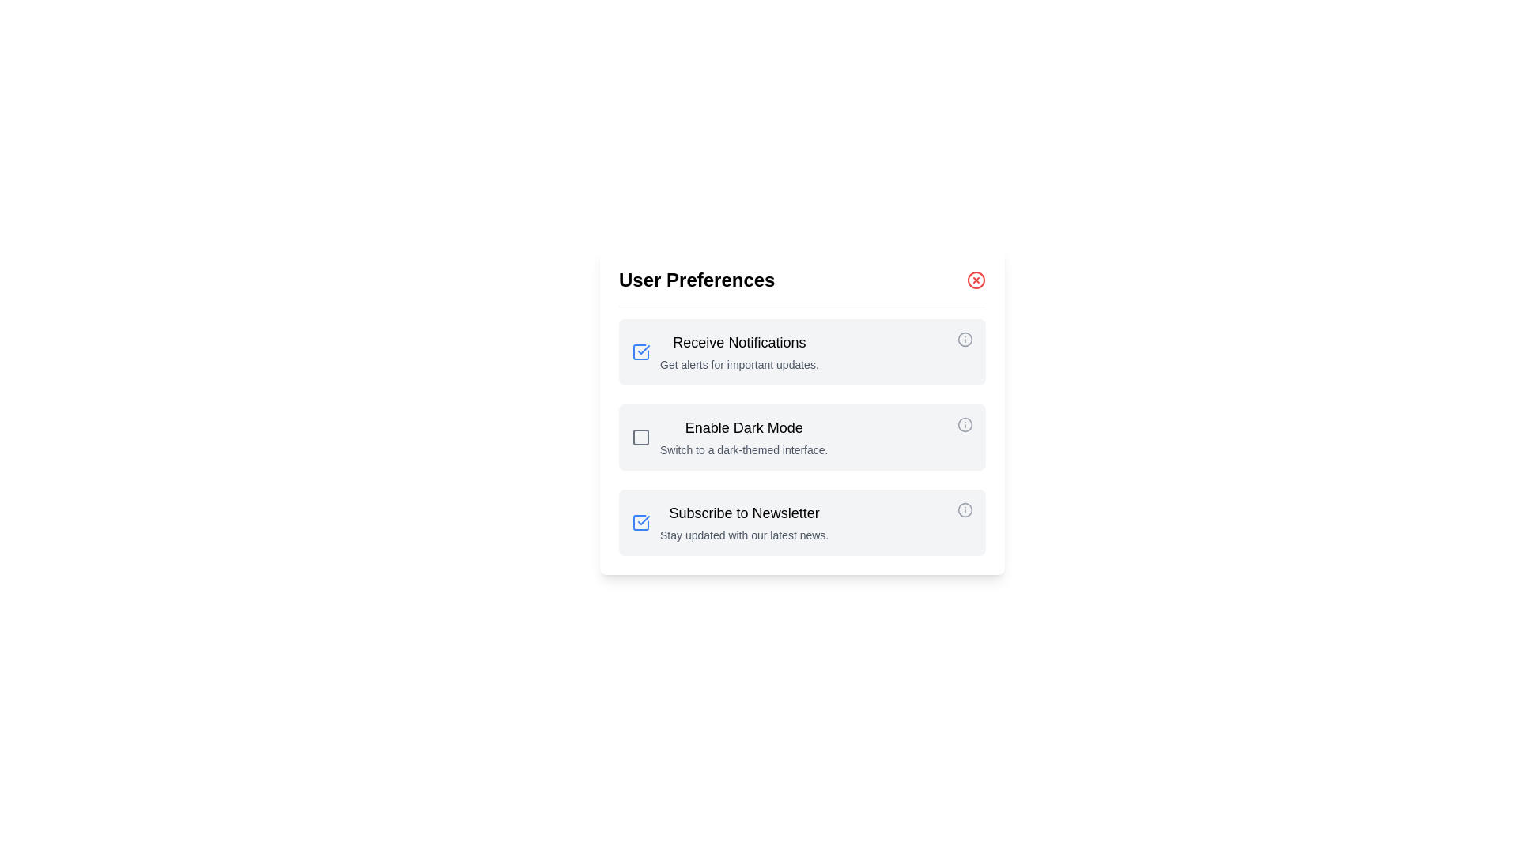 This screenshot has height=853, width=1518. I want to click on the Circle icon located near the bottom-right corner of the second preference option, adjacent to the square icon with a cross inside, so click(964, 423).